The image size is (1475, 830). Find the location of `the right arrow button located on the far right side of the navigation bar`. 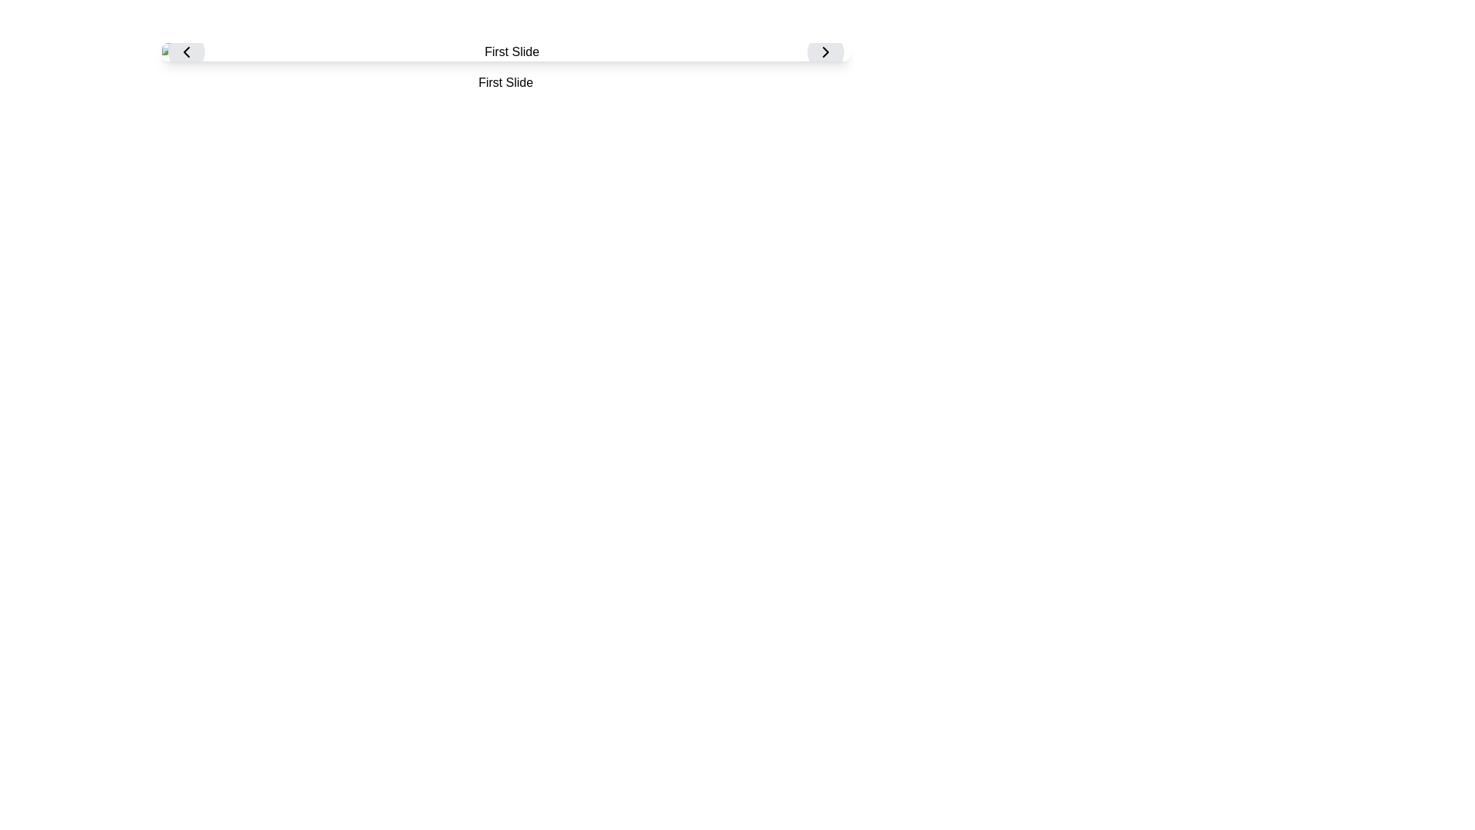

the right arrow button located on the far right side of the navigation bar is located at coordinates (824, 51).